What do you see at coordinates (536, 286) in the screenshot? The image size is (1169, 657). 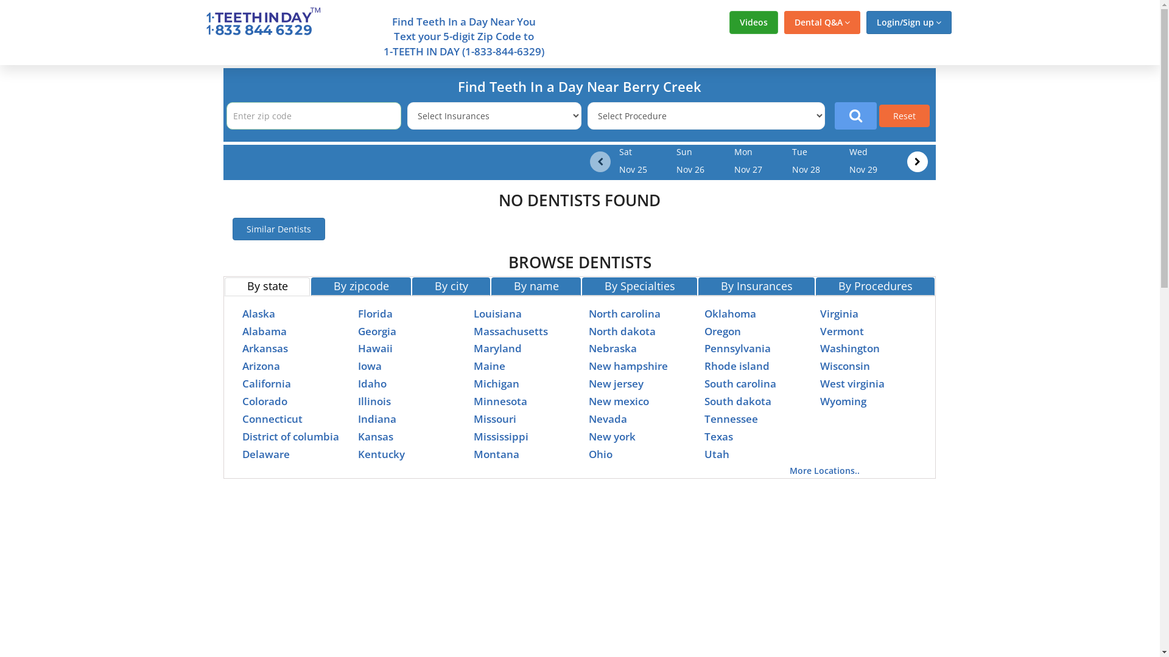 I see `'By name'` at bounding box center [536, 286].